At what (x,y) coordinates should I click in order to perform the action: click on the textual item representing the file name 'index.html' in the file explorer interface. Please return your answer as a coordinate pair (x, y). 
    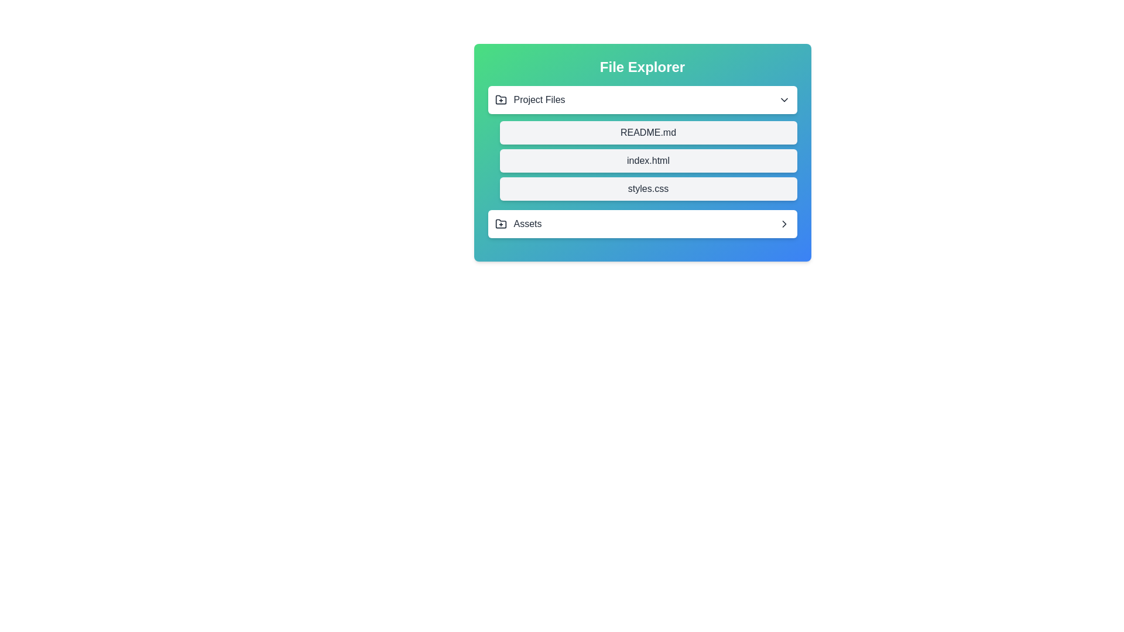
    Looking at the image, I should click on (642, 152).